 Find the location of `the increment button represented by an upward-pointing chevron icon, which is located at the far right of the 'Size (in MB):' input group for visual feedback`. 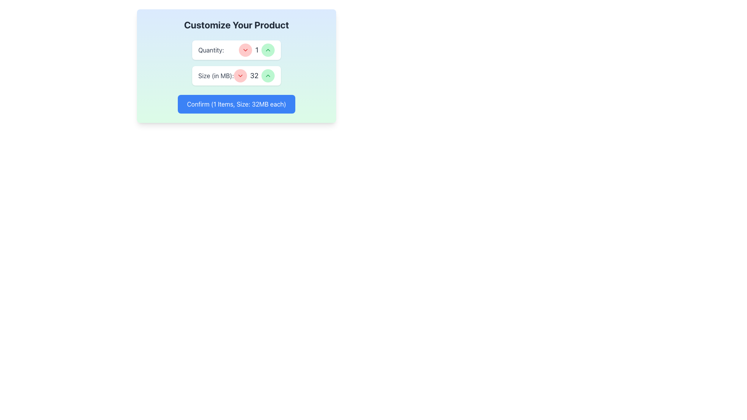

the increment button represented by an upward-pointing chevron icon, which is located at the far right of the 'Size (in MB):' input group for visual feedback is located at coordinates (268, 50).